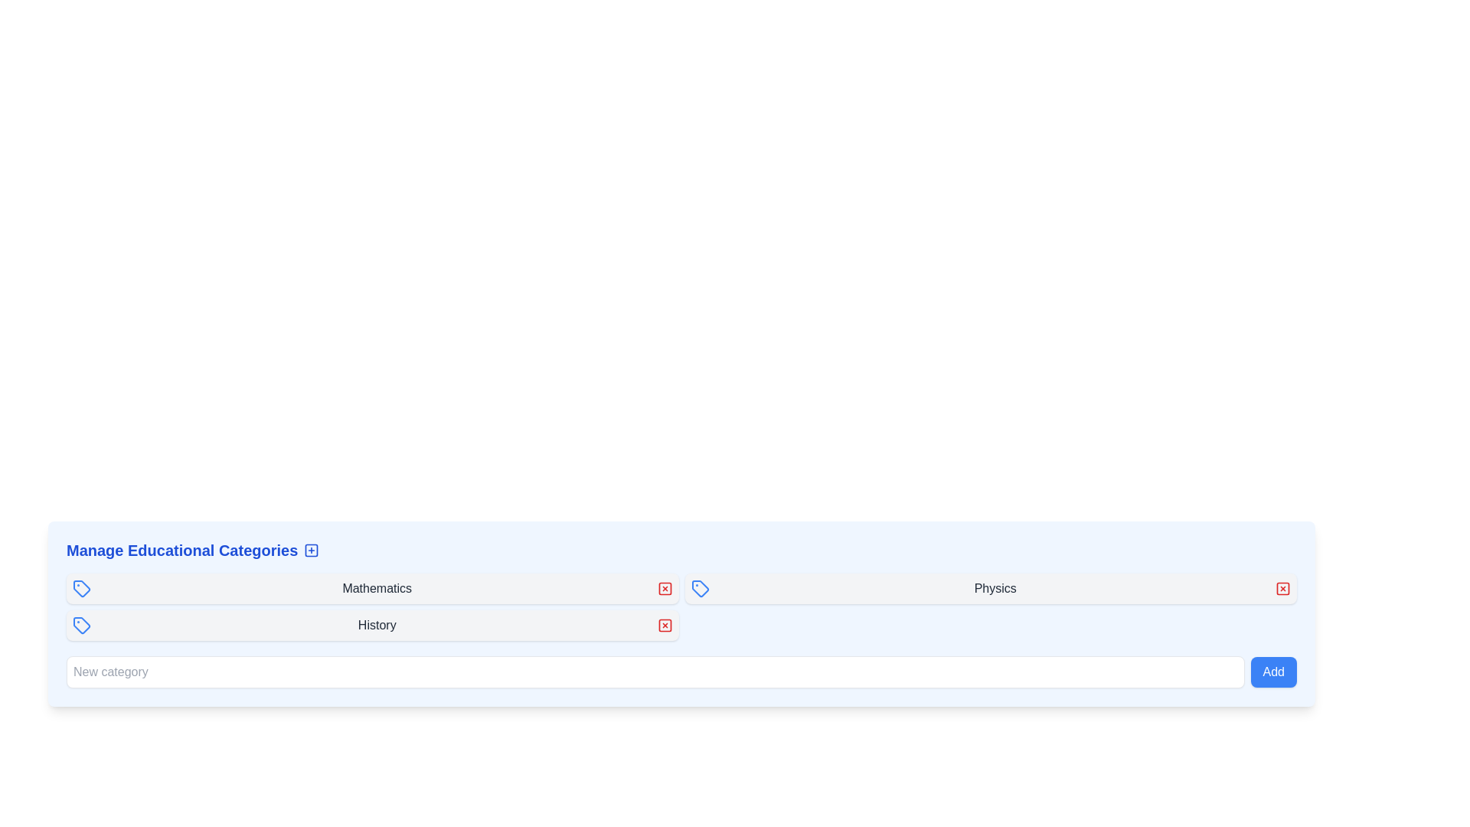 Image resolution: width=1470 pixels, height=827 pixels. I want to click on the blue tag-shaped icon located left of the 'Mathematics' label within the 'Manage Educational Categories' panel, so click(699, 587).